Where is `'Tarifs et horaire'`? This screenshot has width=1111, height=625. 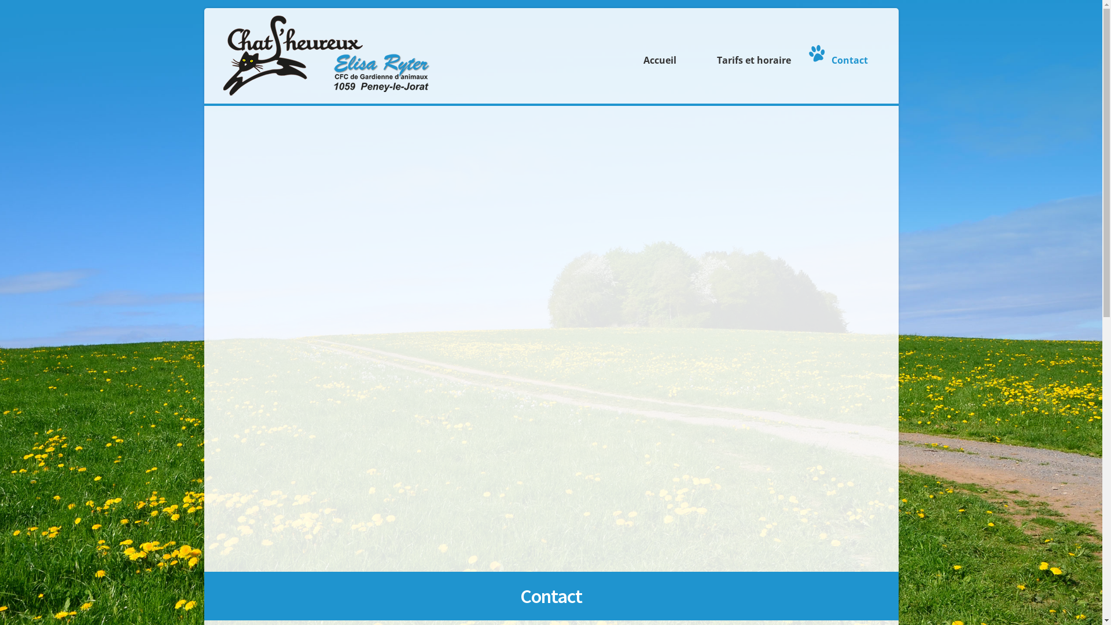 'Tarifs et horaire' is located at coordinates (693, 53).